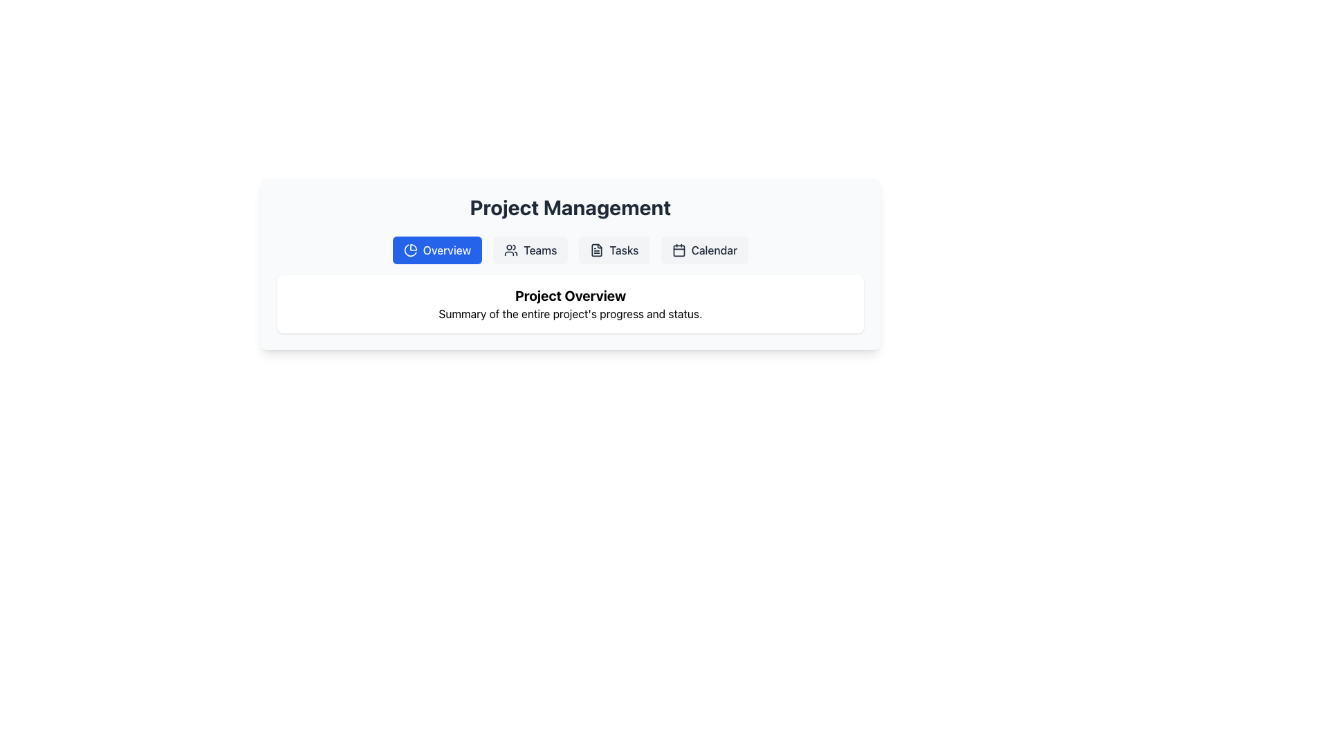  I want to click on the calendar icon located within the 'Calendar' navigation button, so click(679, 250).